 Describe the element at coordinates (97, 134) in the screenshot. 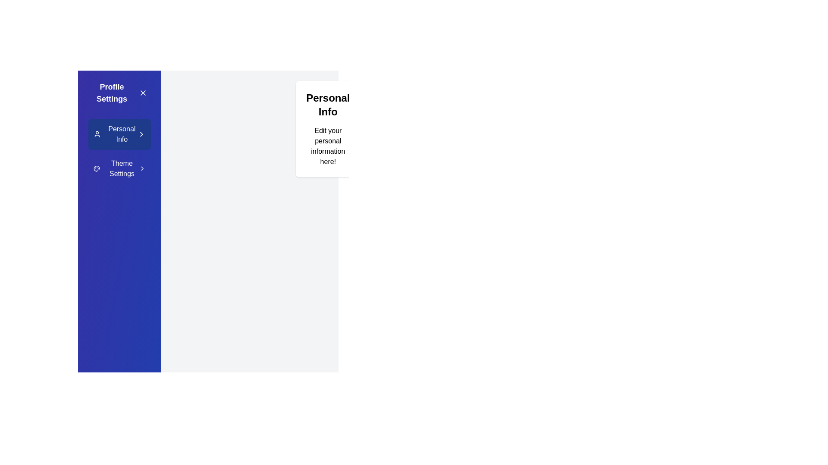

I see `the user silhouette icon located in the sidebar menu, which precedes the 'Personal Info' text` at that location.